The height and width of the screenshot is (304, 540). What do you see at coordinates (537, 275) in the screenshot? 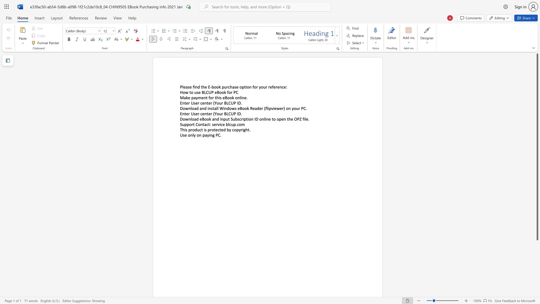
I see `the side scrollbar to bring the page down` at bounding box center [537, 275].